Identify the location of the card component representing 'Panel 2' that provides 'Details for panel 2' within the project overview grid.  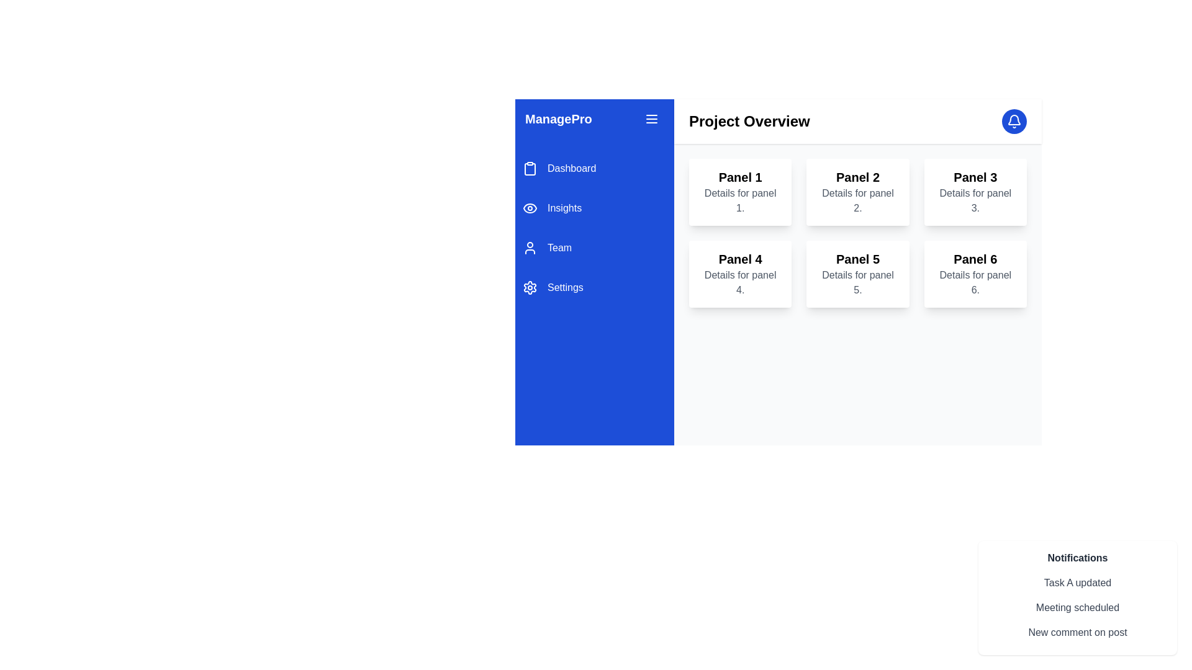
(857, 192).